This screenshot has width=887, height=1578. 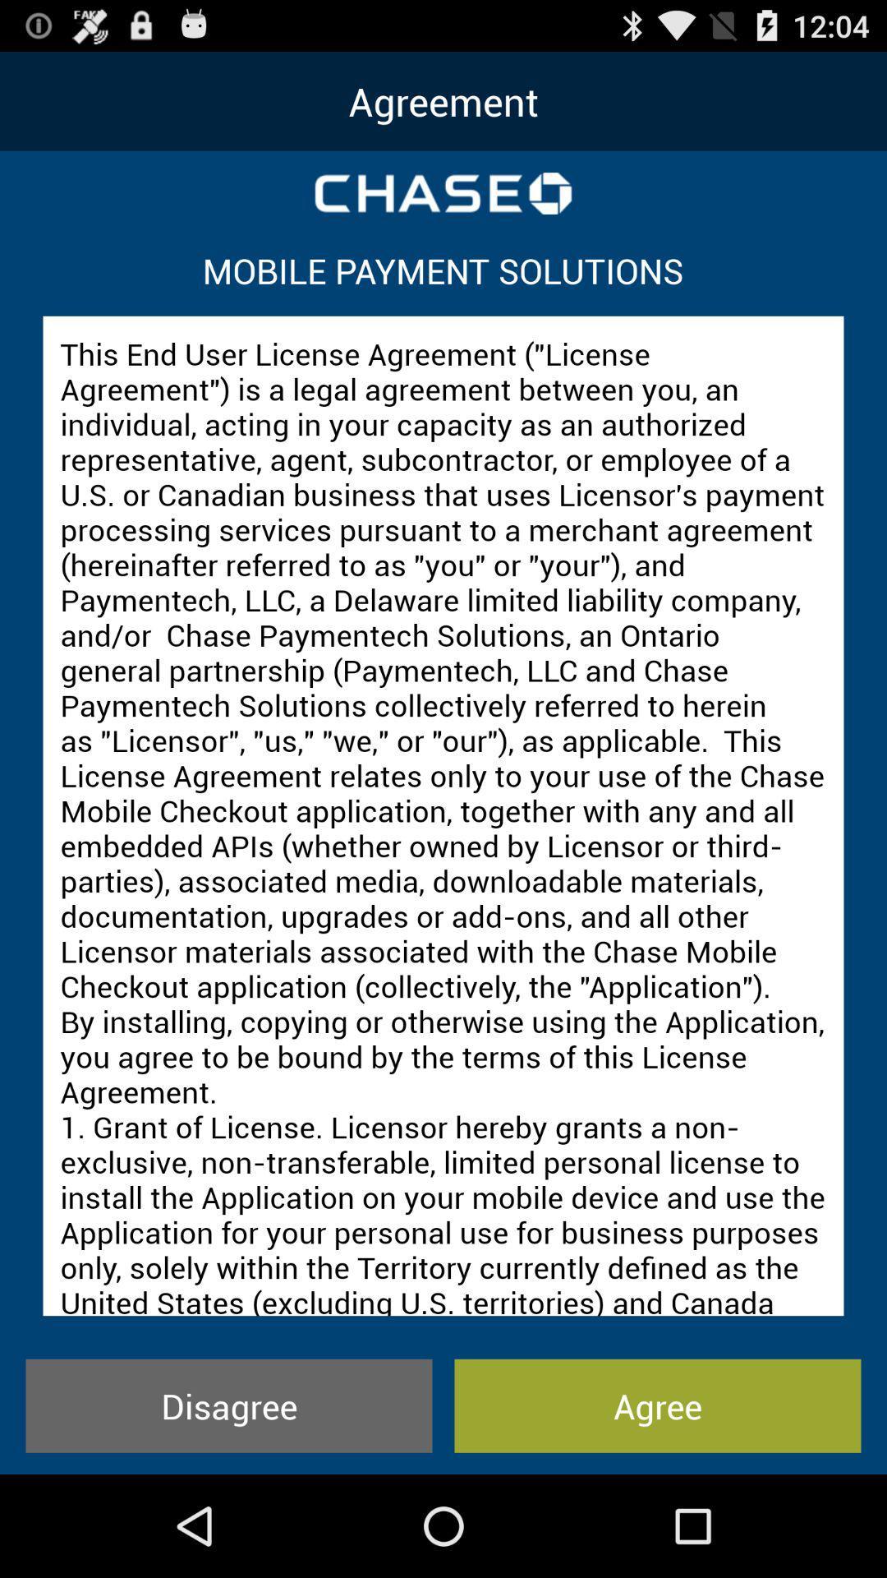 I want to click on the item to the right of the disagree item, so click(x=657, y=1405).